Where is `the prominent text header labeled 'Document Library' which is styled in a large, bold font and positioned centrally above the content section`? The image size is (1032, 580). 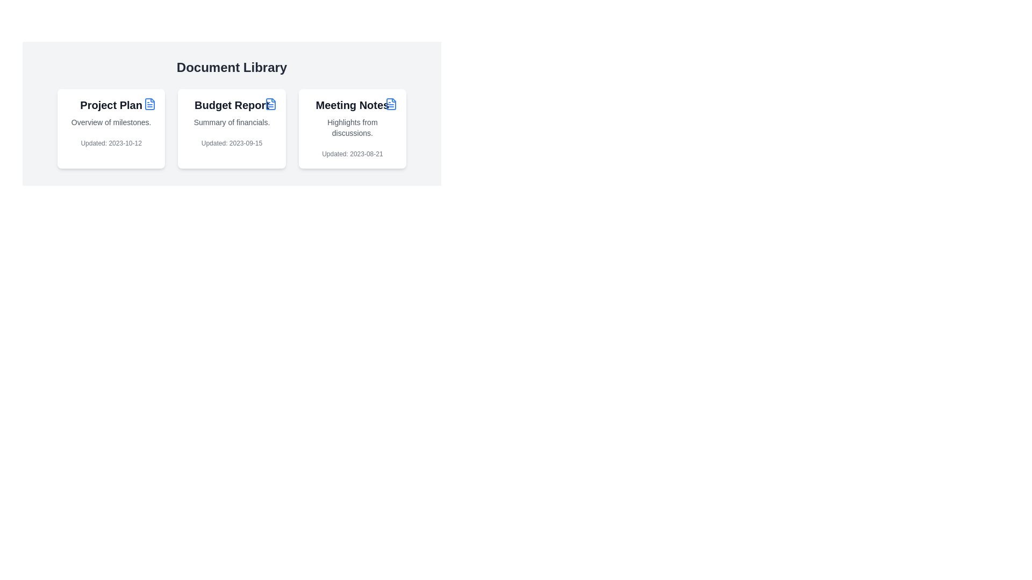 the prominent text header labeled 'Document Library' which is styled in a large, bold font and positioned centrally above the content section is located at coordinates (231, 68).